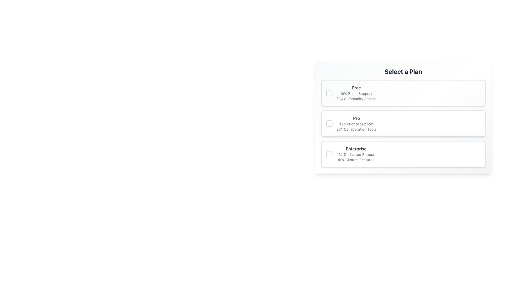 Image resolution: width=505 pixels, height=284 pixels. Describe the element at coordinates (356, 154) in the screenshot. I see `the text block that provides details about the Enterprise plan option, which highlights features like Dedicated Support and Custom Features` at that location.